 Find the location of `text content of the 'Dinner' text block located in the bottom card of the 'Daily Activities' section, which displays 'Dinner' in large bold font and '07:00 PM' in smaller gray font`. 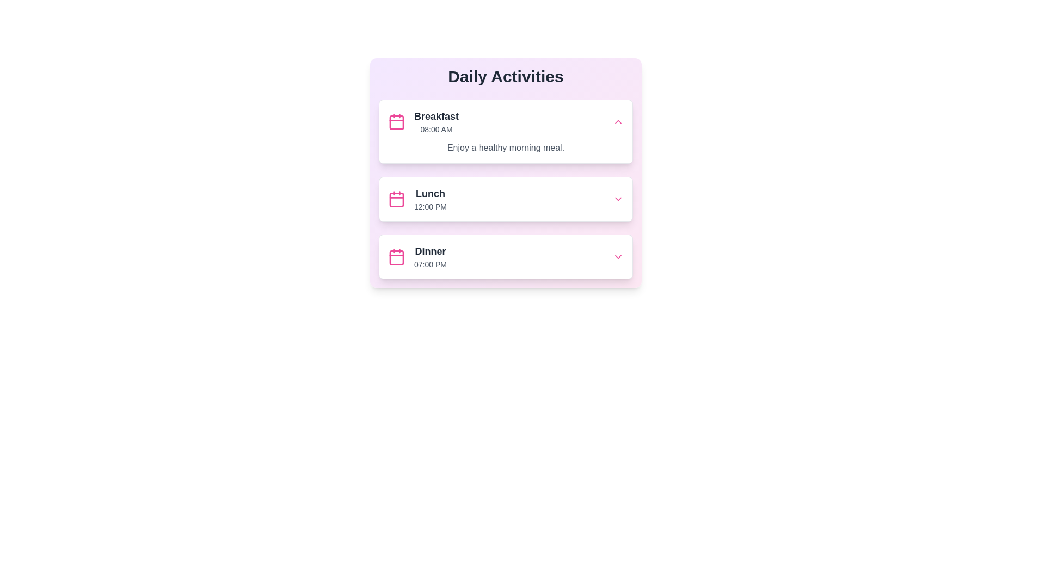

text content of the 'Dinner' text block located in the bottom card of the 'Daily Activities' section, which displays 'Dinner' in large bold font and '07:00 PM' in smaller gray font is located at coordinates (430, 256).